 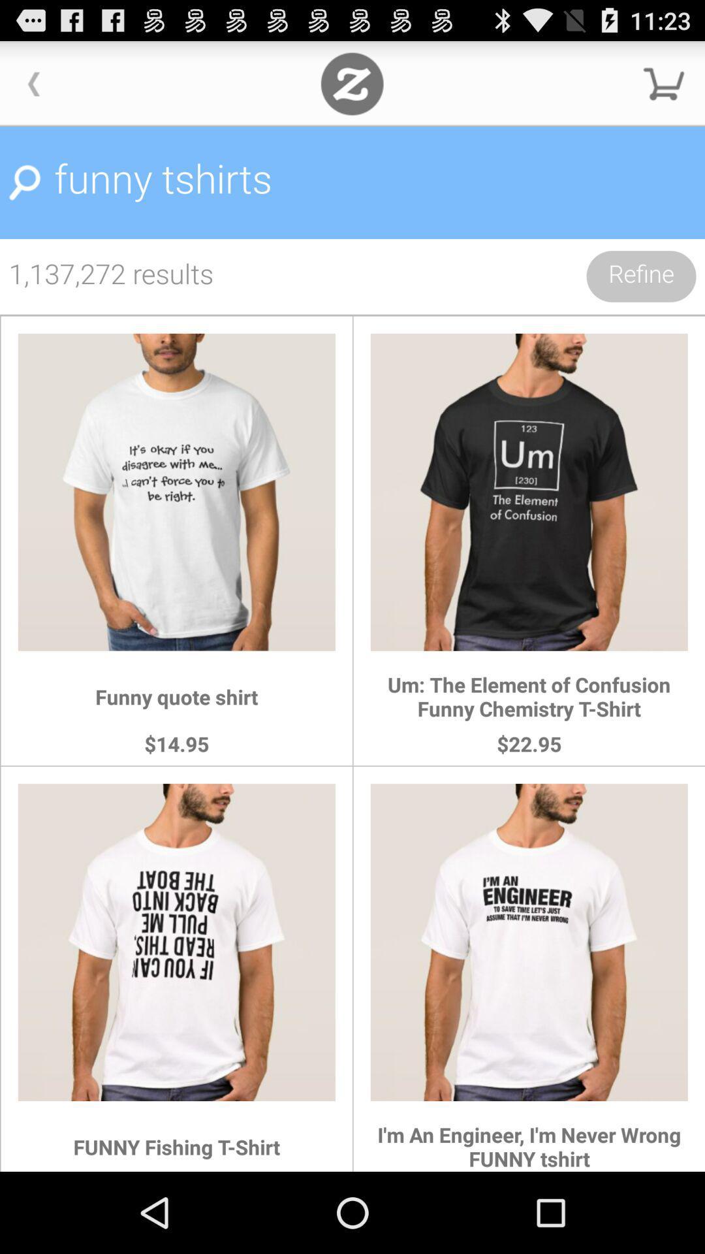 I want to click on the refine, so click(x=640, y=276).